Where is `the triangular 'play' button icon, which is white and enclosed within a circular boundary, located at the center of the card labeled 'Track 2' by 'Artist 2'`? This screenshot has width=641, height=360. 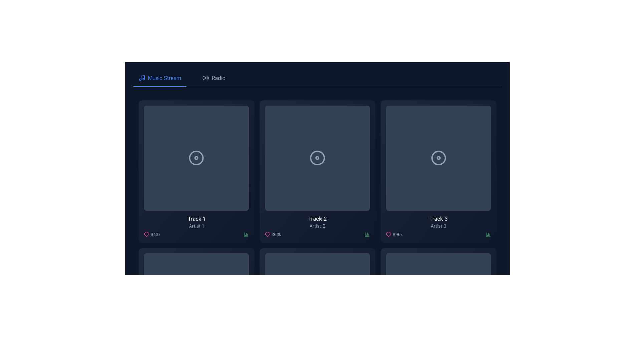 the triangular 'play' button icon, which is white and enclosed within a circular boundary, located at the center of the card labeled 'Track 2' by 'Artist 2' is located at coordinates (317, 158).